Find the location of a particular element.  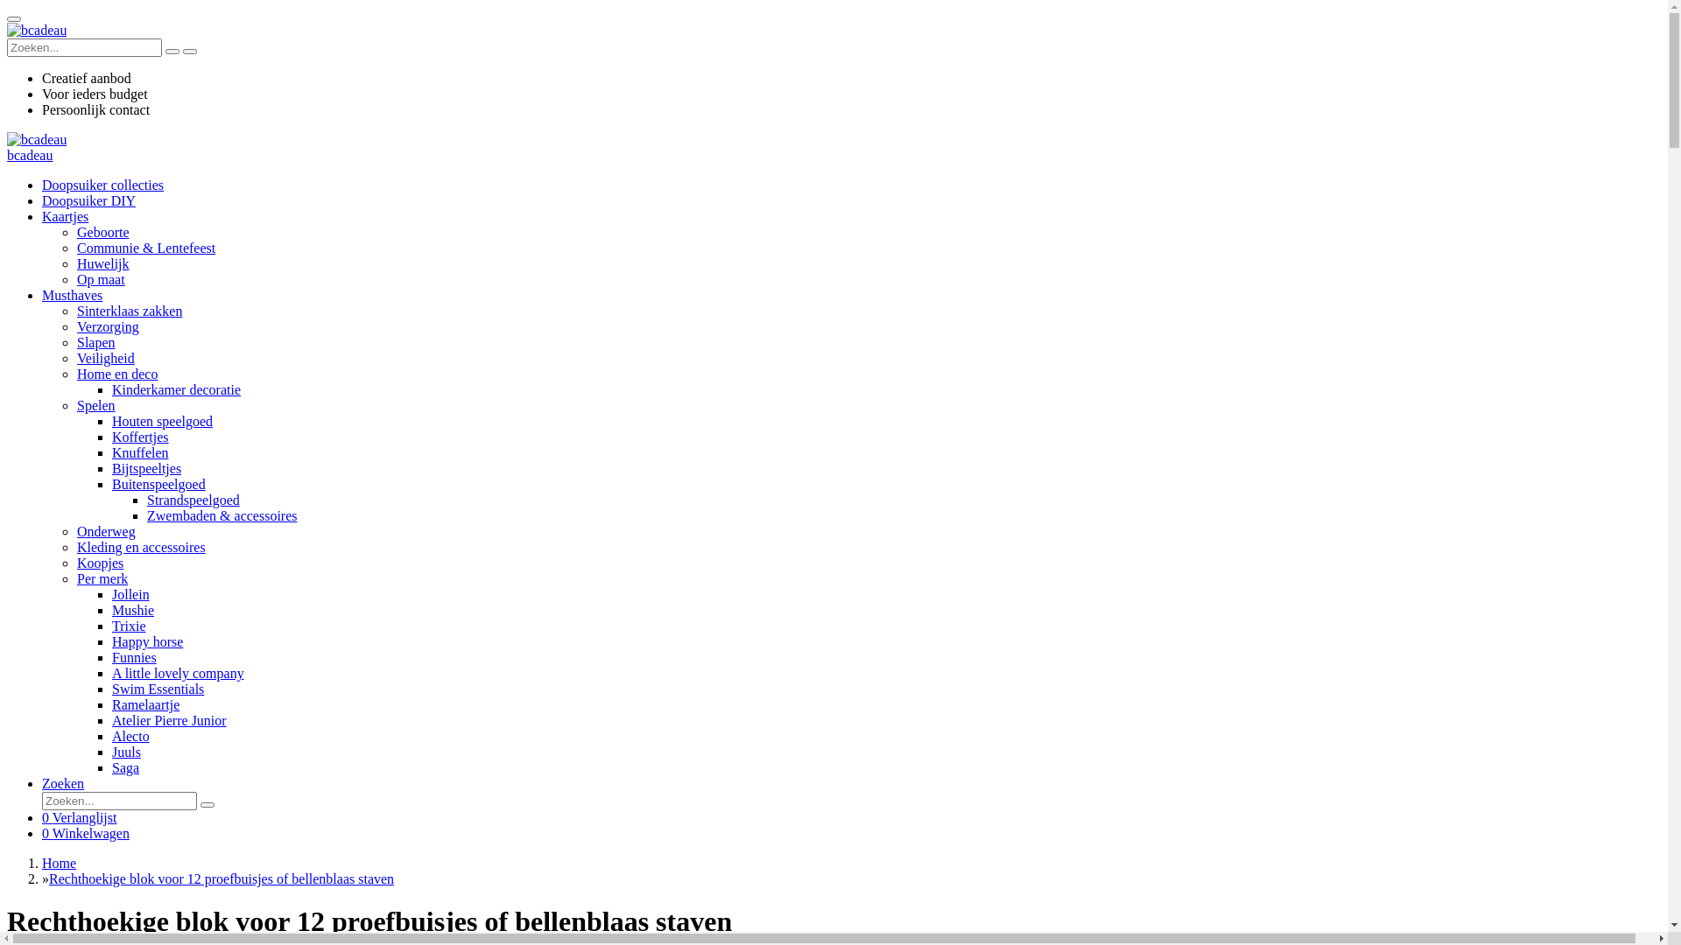

'Saga' is located at coordinates (124, 766).